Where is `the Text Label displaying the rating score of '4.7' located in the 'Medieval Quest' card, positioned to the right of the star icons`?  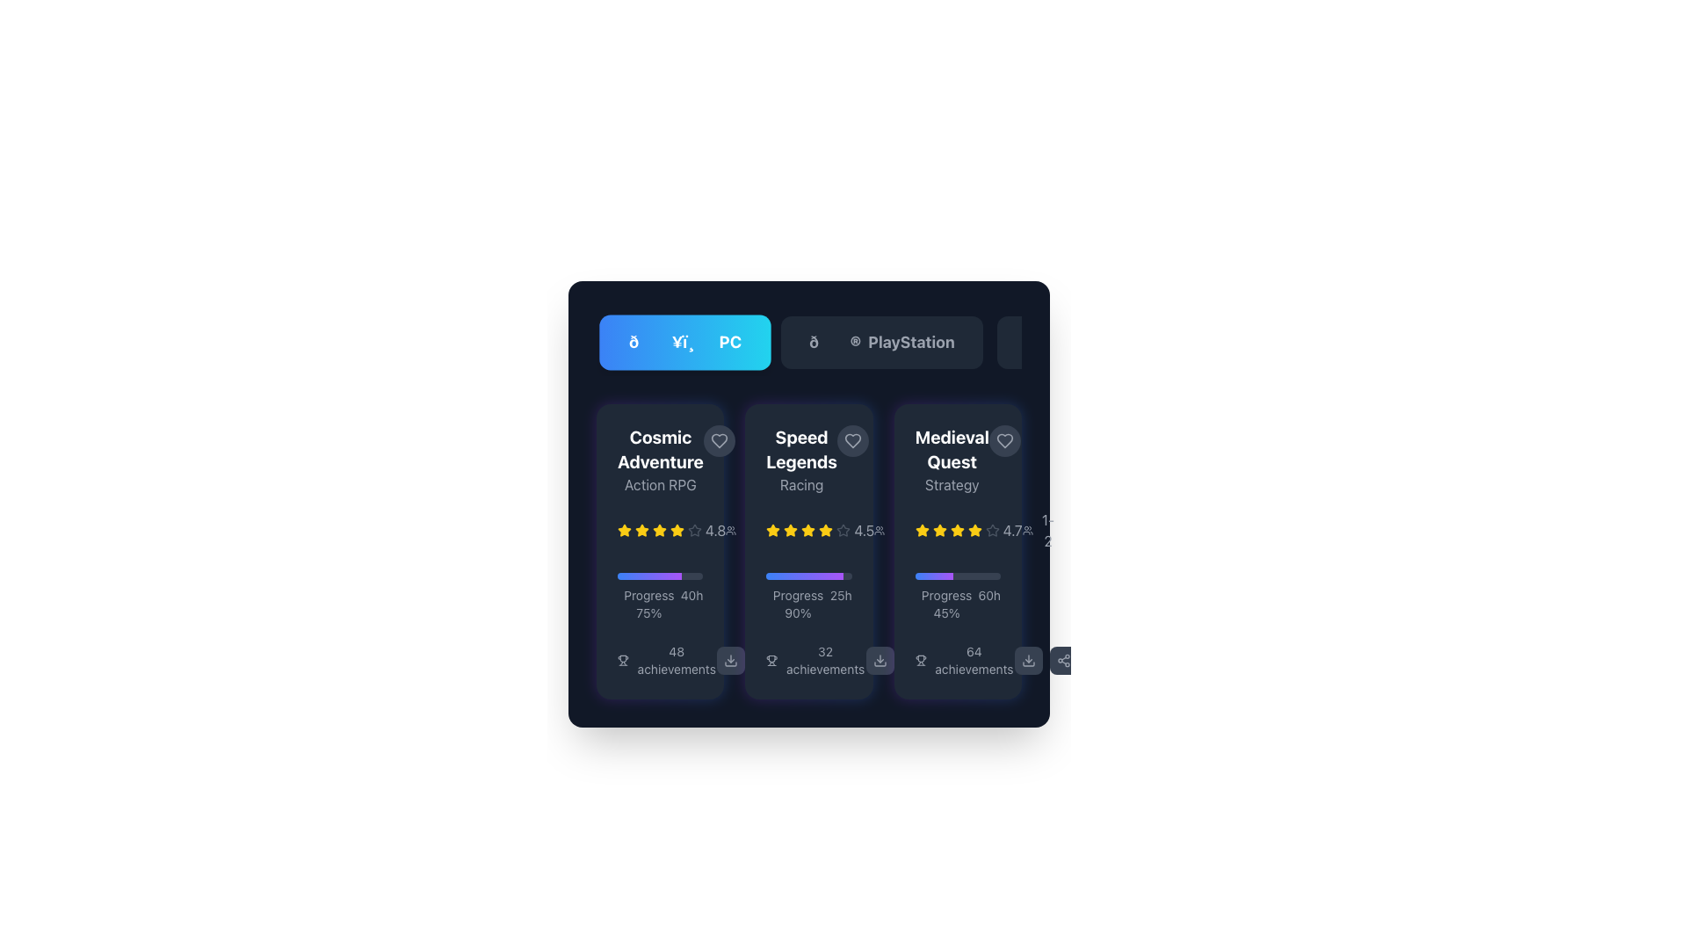 the Text Label displaying the rating score of '4.7' located in the 'Medieval Quest' card, positioned to the right of the star icons is located at coordinates (1012, 530).